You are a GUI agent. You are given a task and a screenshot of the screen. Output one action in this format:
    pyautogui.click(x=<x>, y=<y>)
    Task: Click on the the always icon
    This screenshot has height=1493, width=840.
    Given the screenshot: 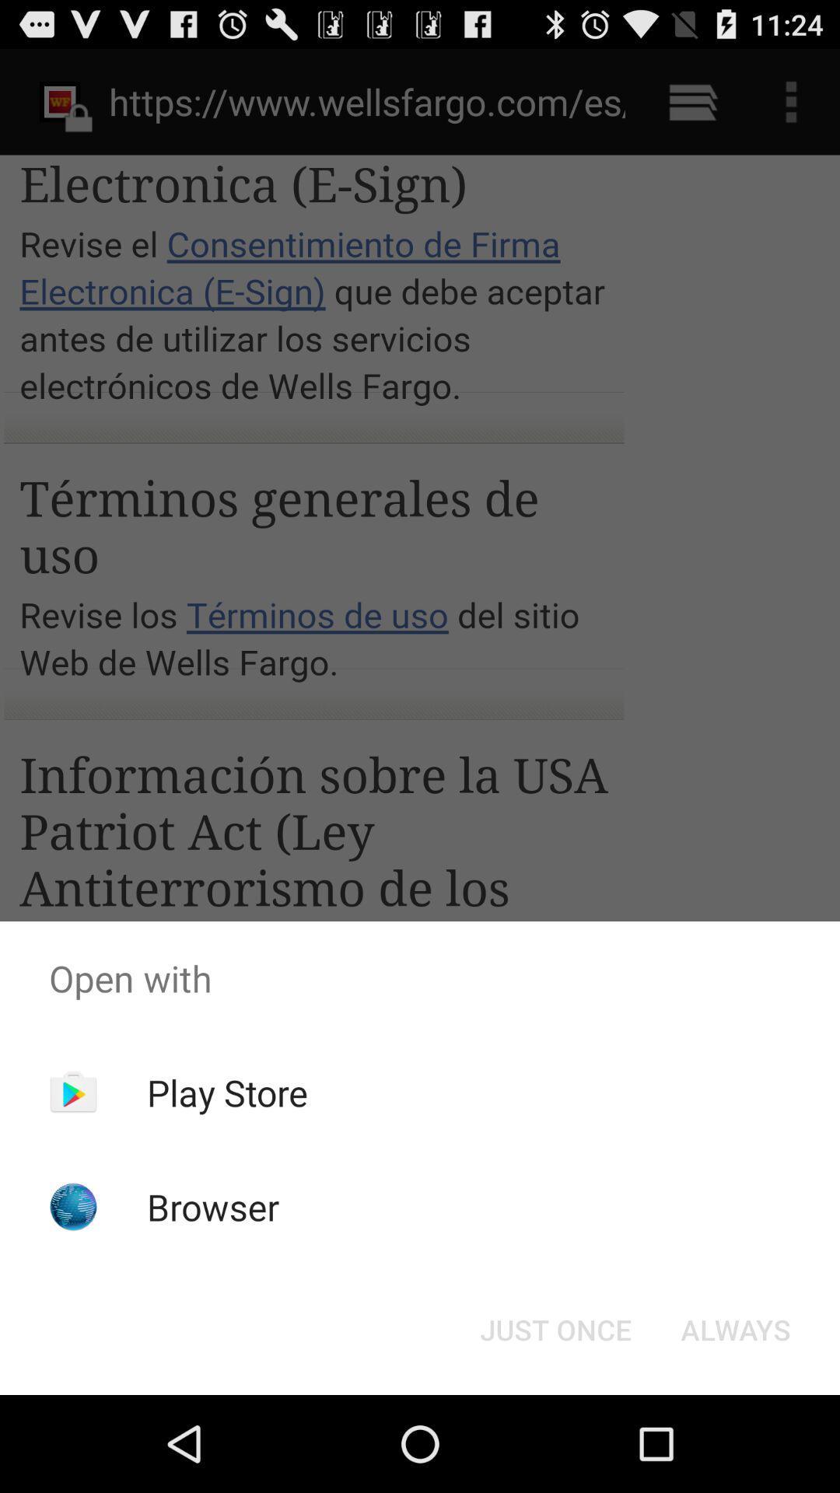 What is the action you would take?
    pyautogui.click(x=735, y=1328)
    